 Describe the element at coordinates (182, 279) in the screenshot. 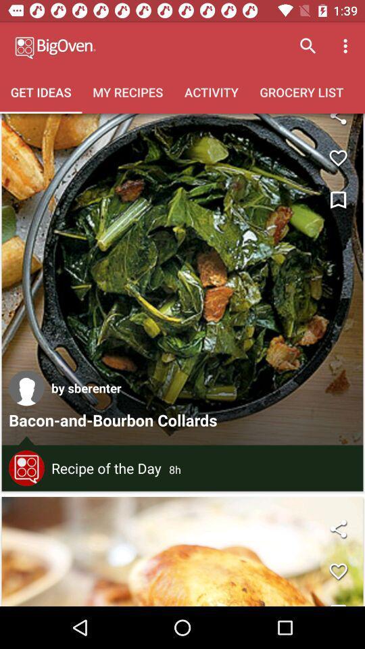

I see `see a recipe` at that location.